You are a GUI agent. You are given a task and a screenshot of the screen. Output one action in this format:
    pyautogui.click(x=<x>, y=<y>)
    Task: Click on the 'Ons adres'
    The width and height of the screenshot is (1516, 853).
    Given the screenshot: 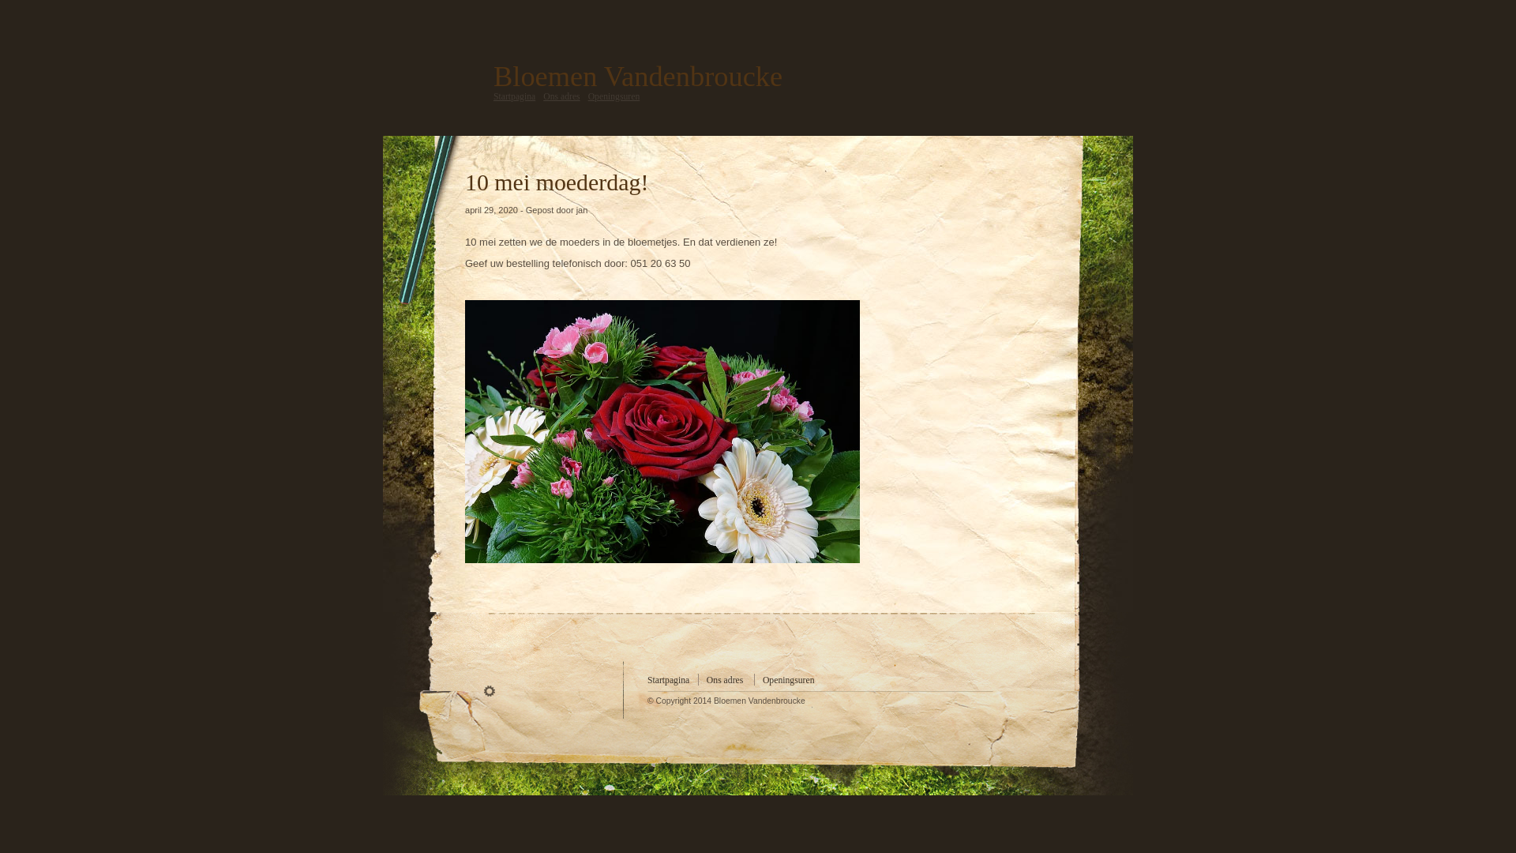 What is the action you would take?
    pyautogui.click(x=723, y=679)
    